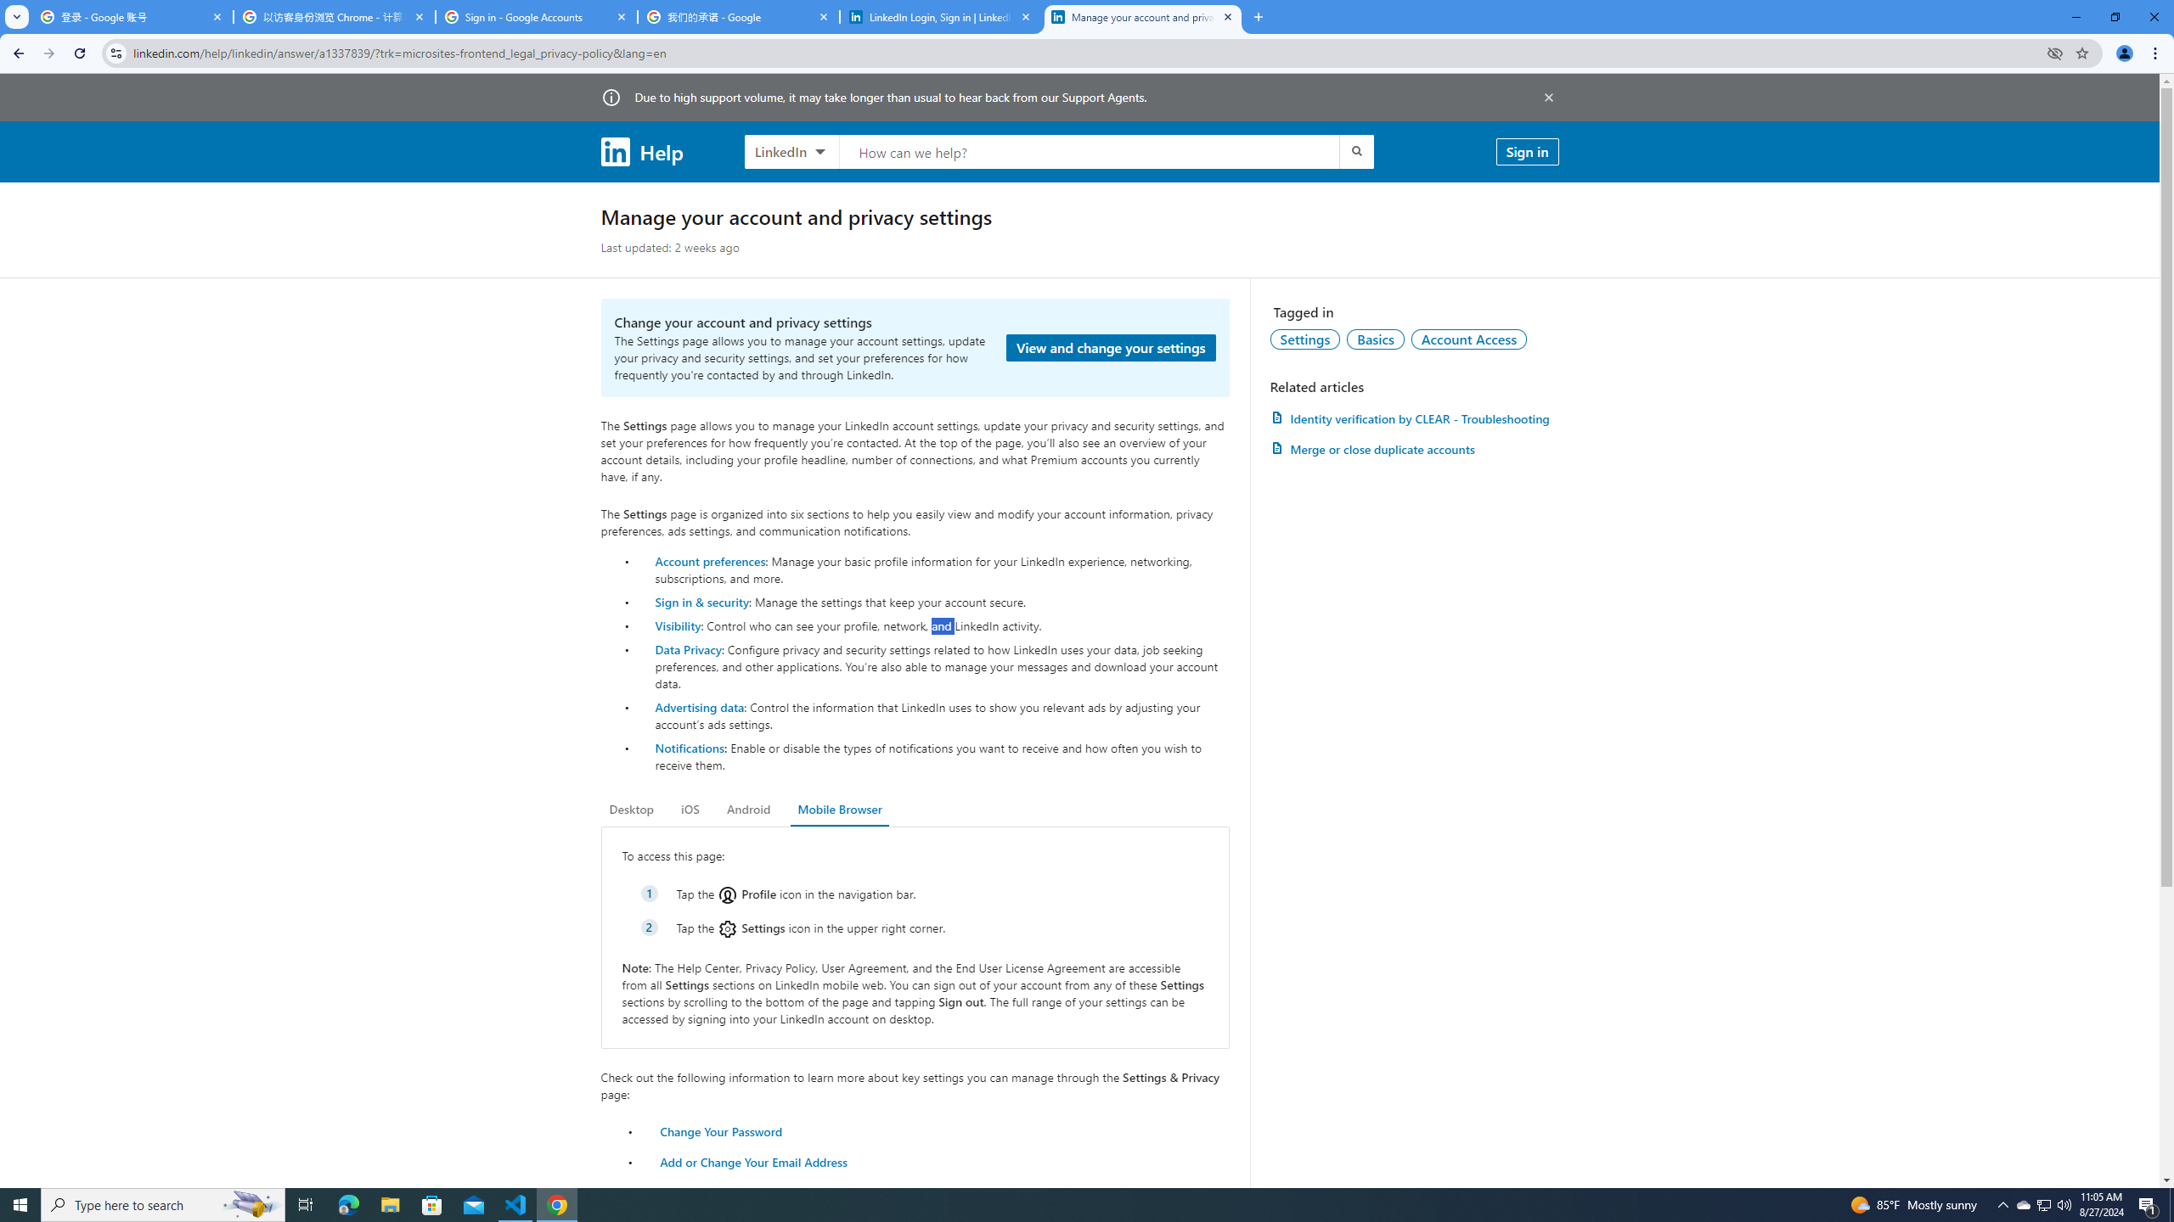 The height and width of the screenshot is (1222, 2174). What do you see at coordinates (1413, 448) in the screenshot?
I see `'Merge or close duplicate accounts'` at bounding box center [1413, 448].